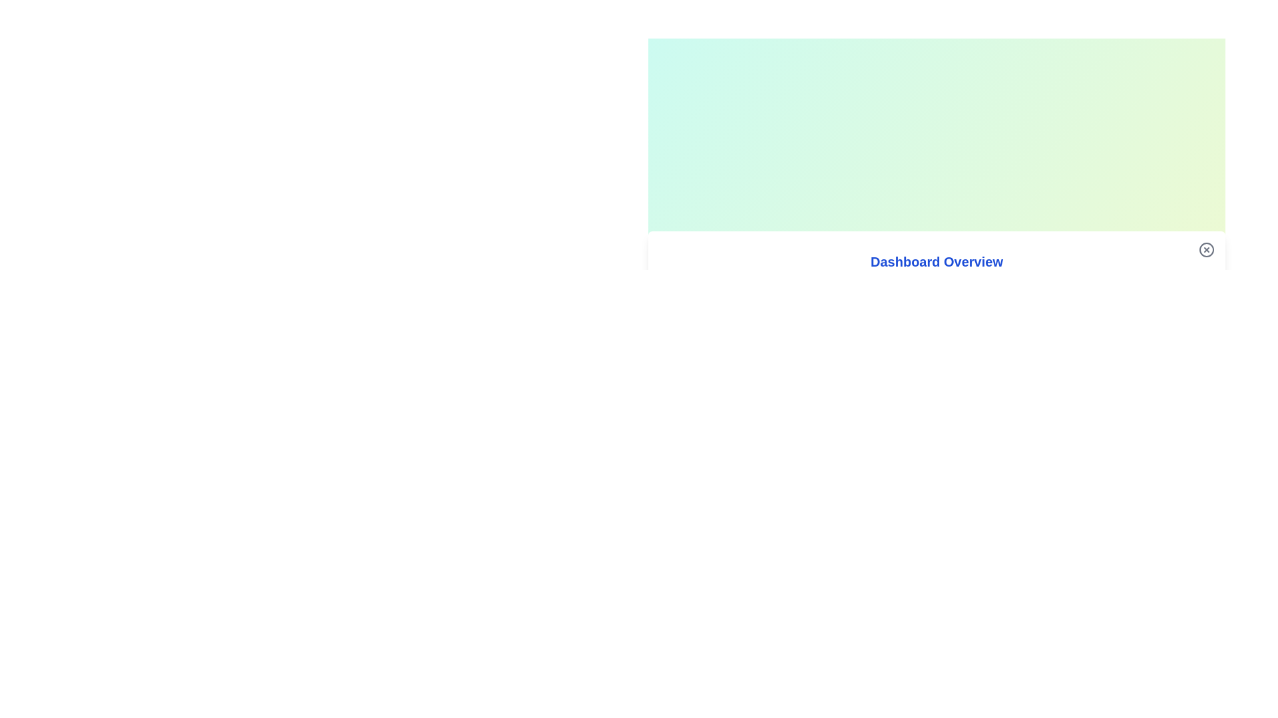 The height and width of the screenshot is (718, 1278). I want to click on the close button to close the dialog, so click(1207, 249).